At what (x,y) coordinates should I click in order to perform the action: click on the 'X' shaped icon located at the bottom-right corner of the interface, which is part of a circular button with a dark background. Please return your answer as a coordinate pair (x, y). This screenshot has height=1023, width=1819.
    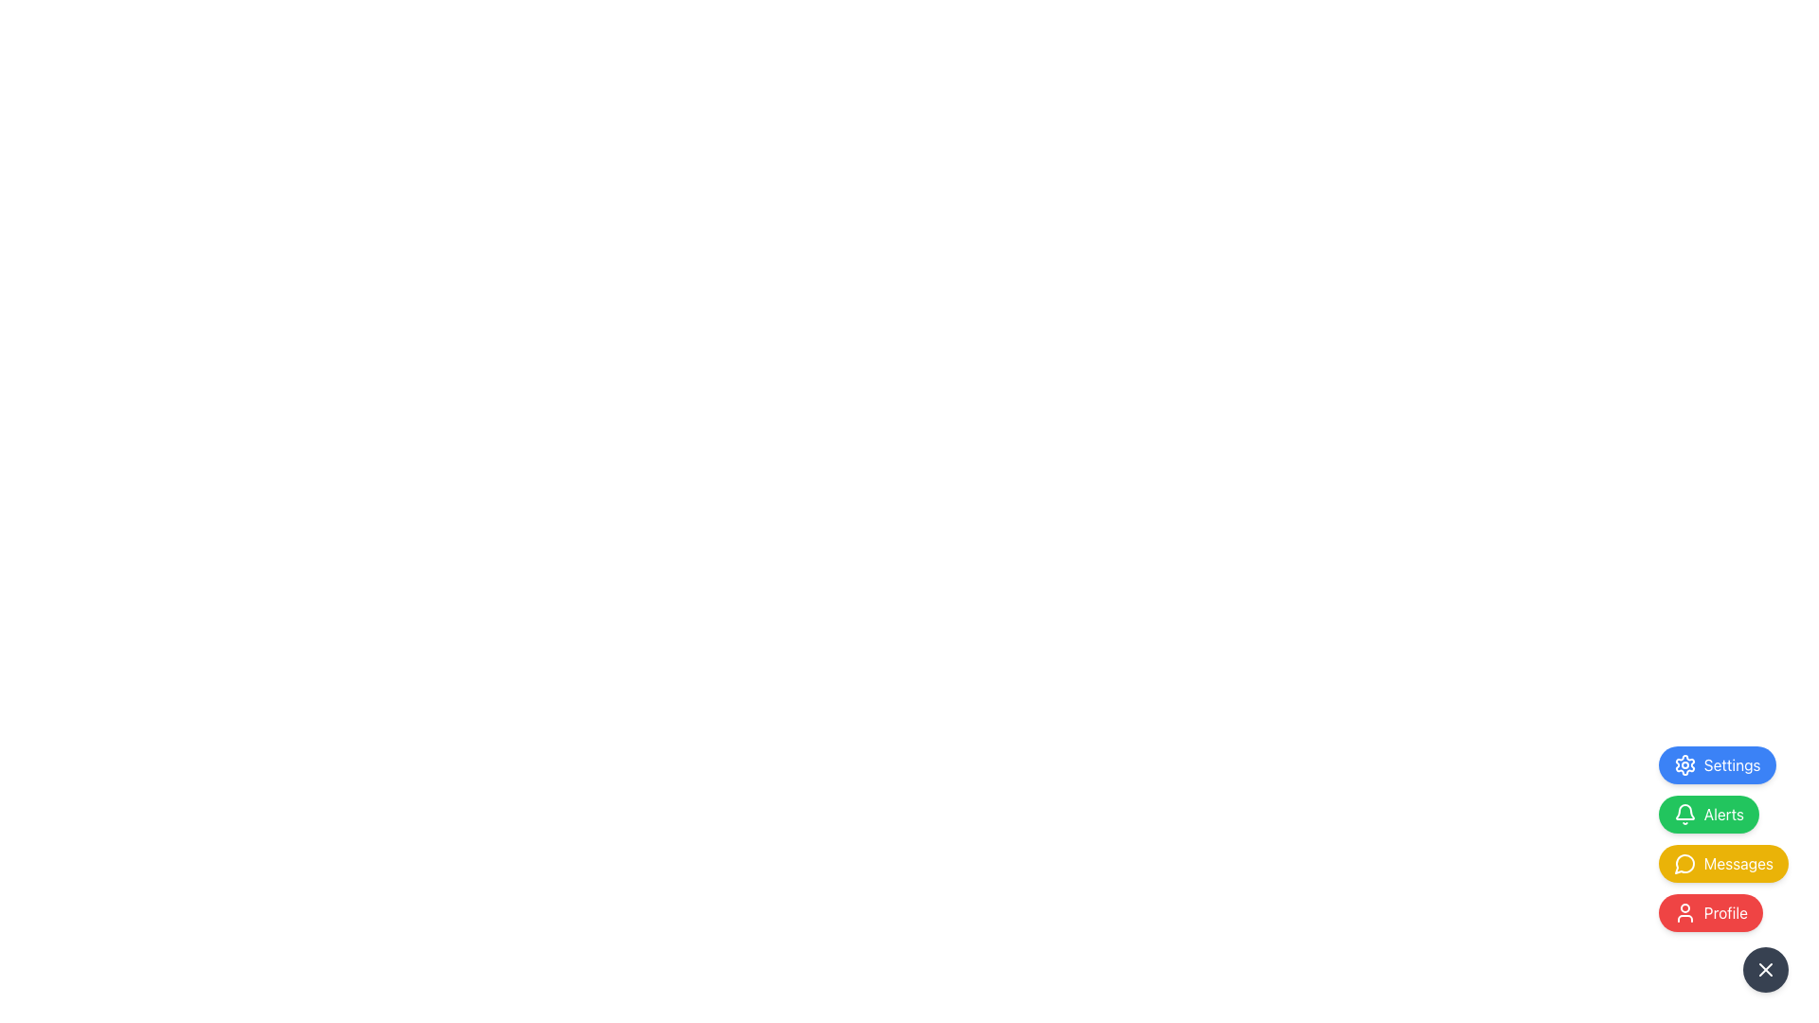
    Looking at the image, I should click on (1764, 969).